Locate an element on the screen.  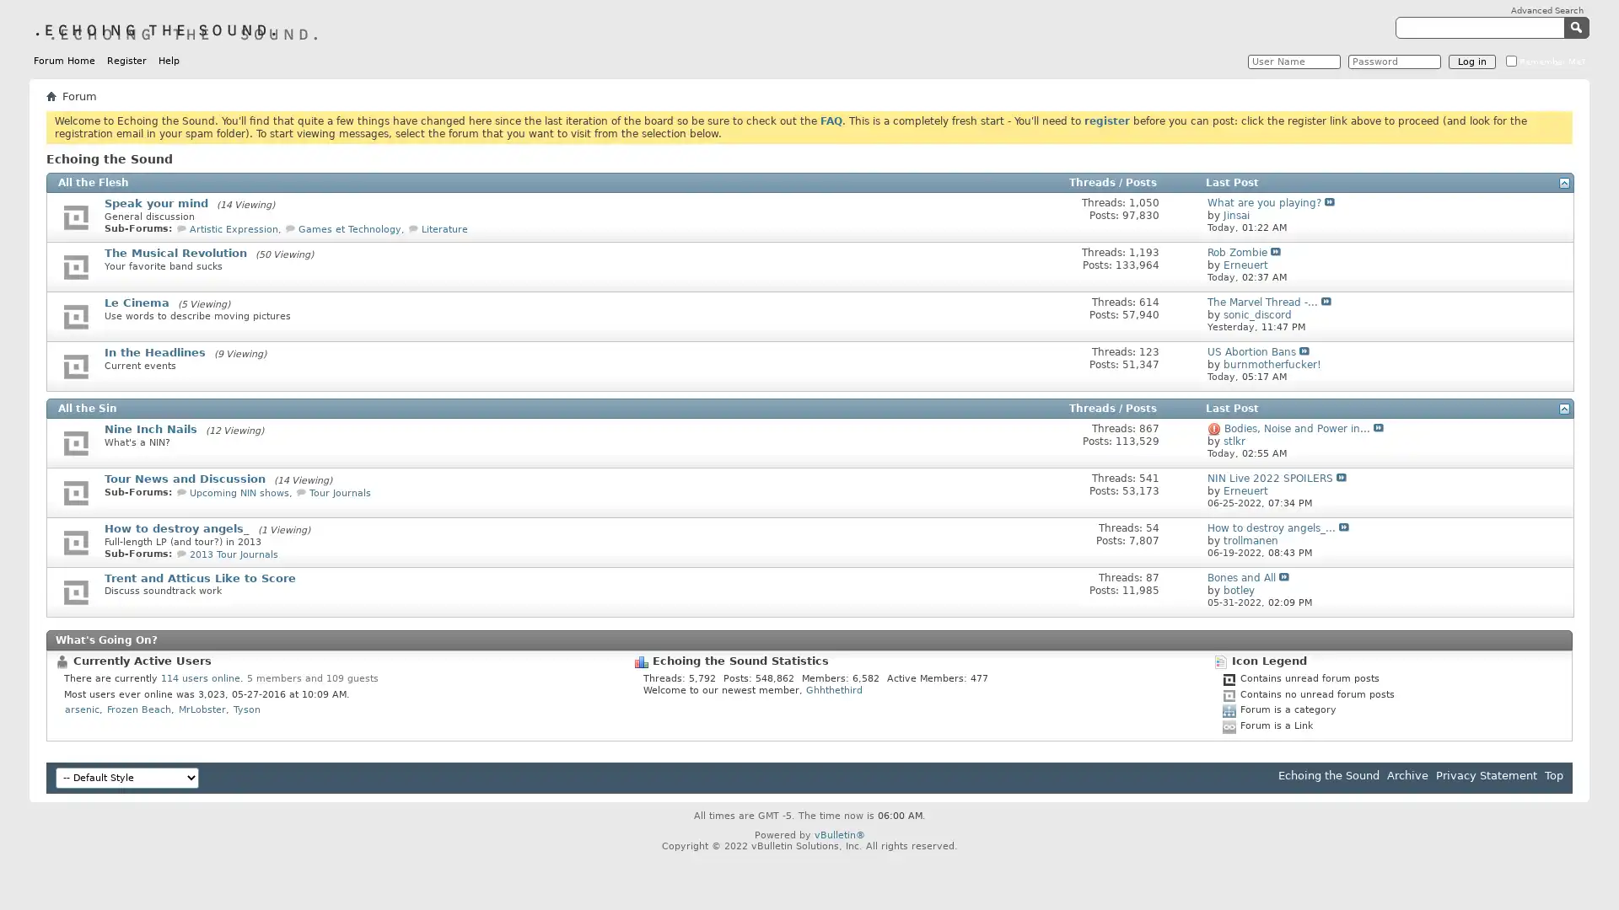
Submit is located at coordinates (1578, 26).